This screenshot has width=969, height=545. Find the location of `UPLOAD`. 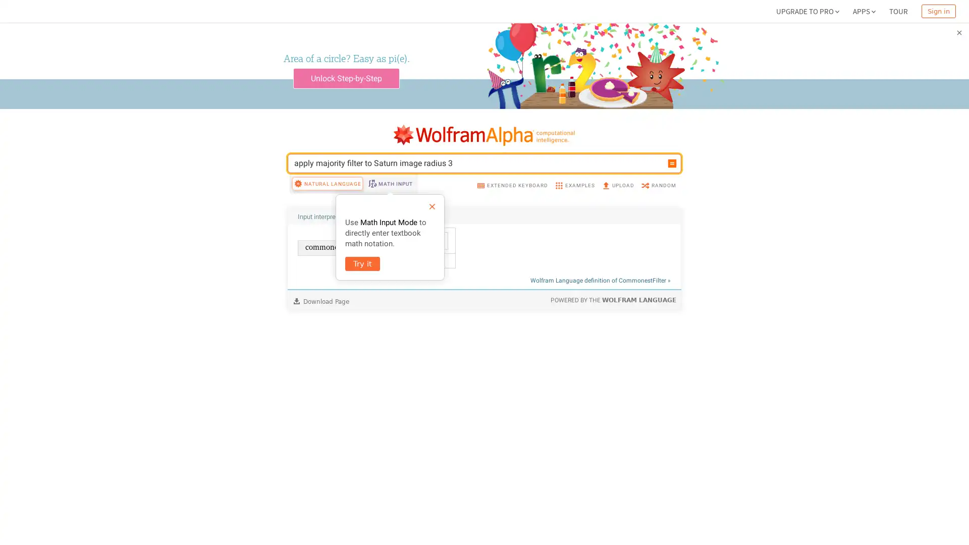

UPLOAD is located at coordinates (617, 204).